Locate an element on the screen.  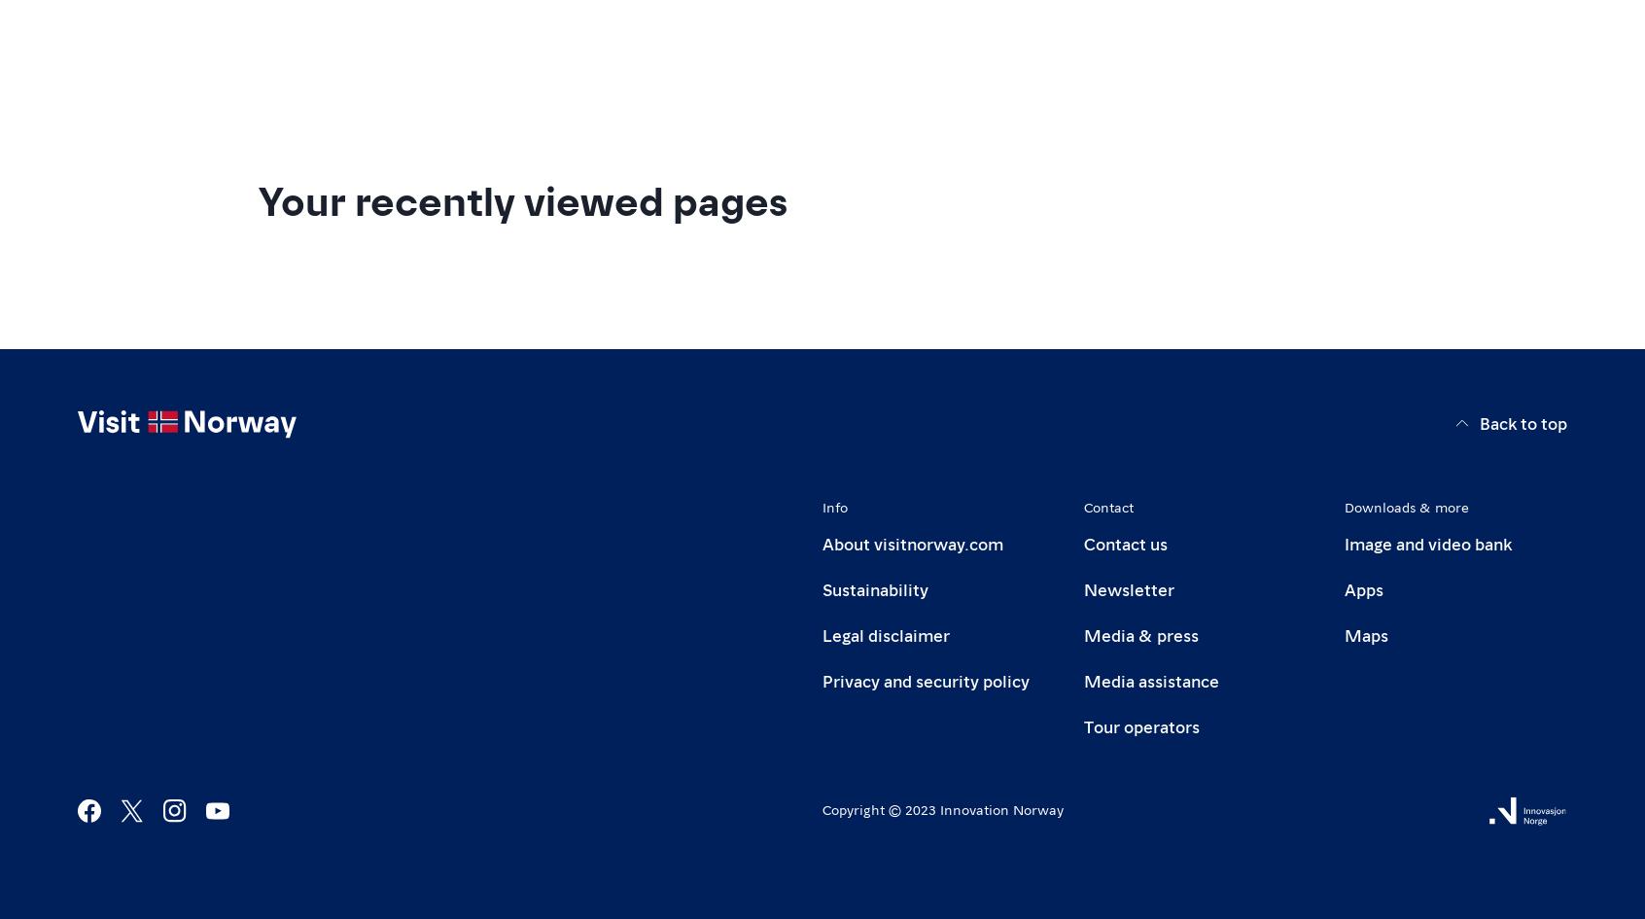
'Maps' is located at coordinates (1345, 632).